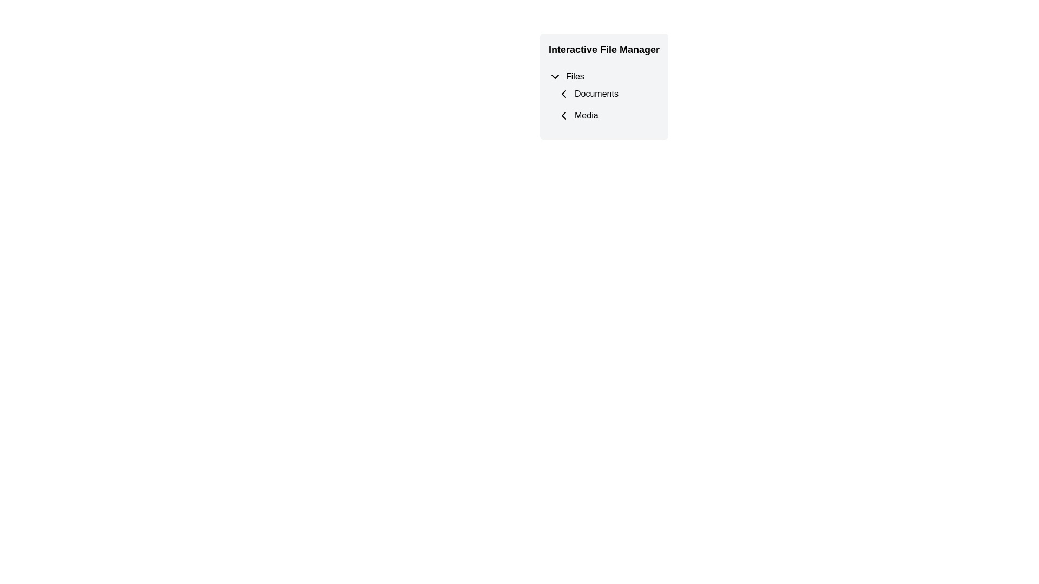 This screenshot has height=584, width=1039. What do you see at coordinates (603, 50) in the screenshot?
I see `the title/header Text element of the interactive file manager, which is positioned above the 'Files,' 'Documents,' and 'Media' sections` at bounding box center [603, 50].